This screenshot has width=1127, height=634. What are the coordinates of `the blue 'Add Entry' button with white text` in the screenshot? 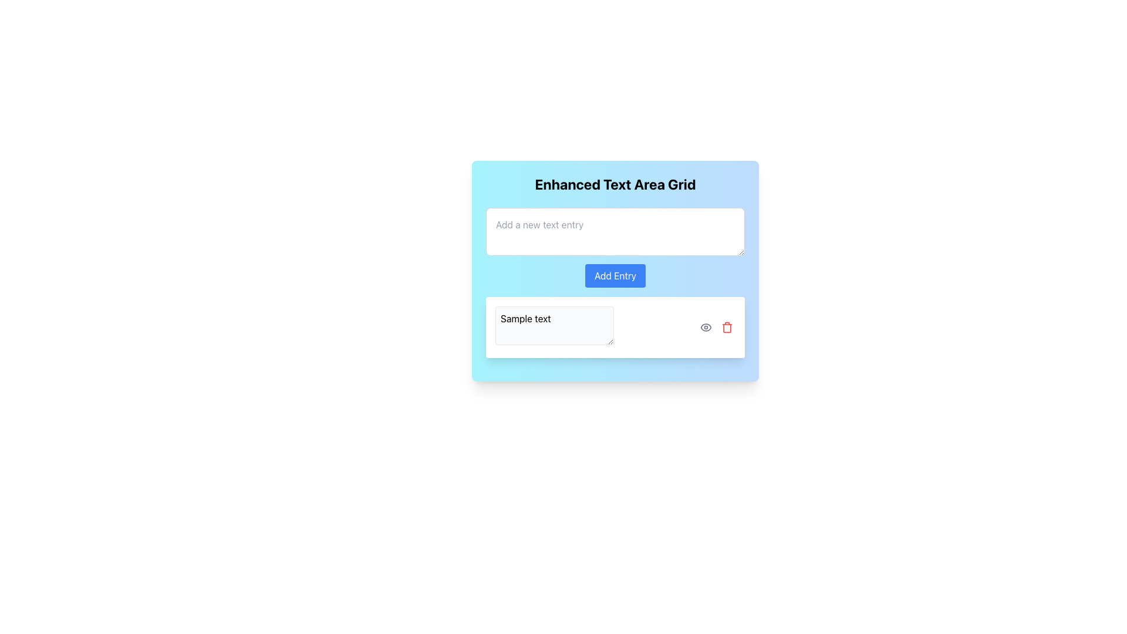 It's located at (615, 276).